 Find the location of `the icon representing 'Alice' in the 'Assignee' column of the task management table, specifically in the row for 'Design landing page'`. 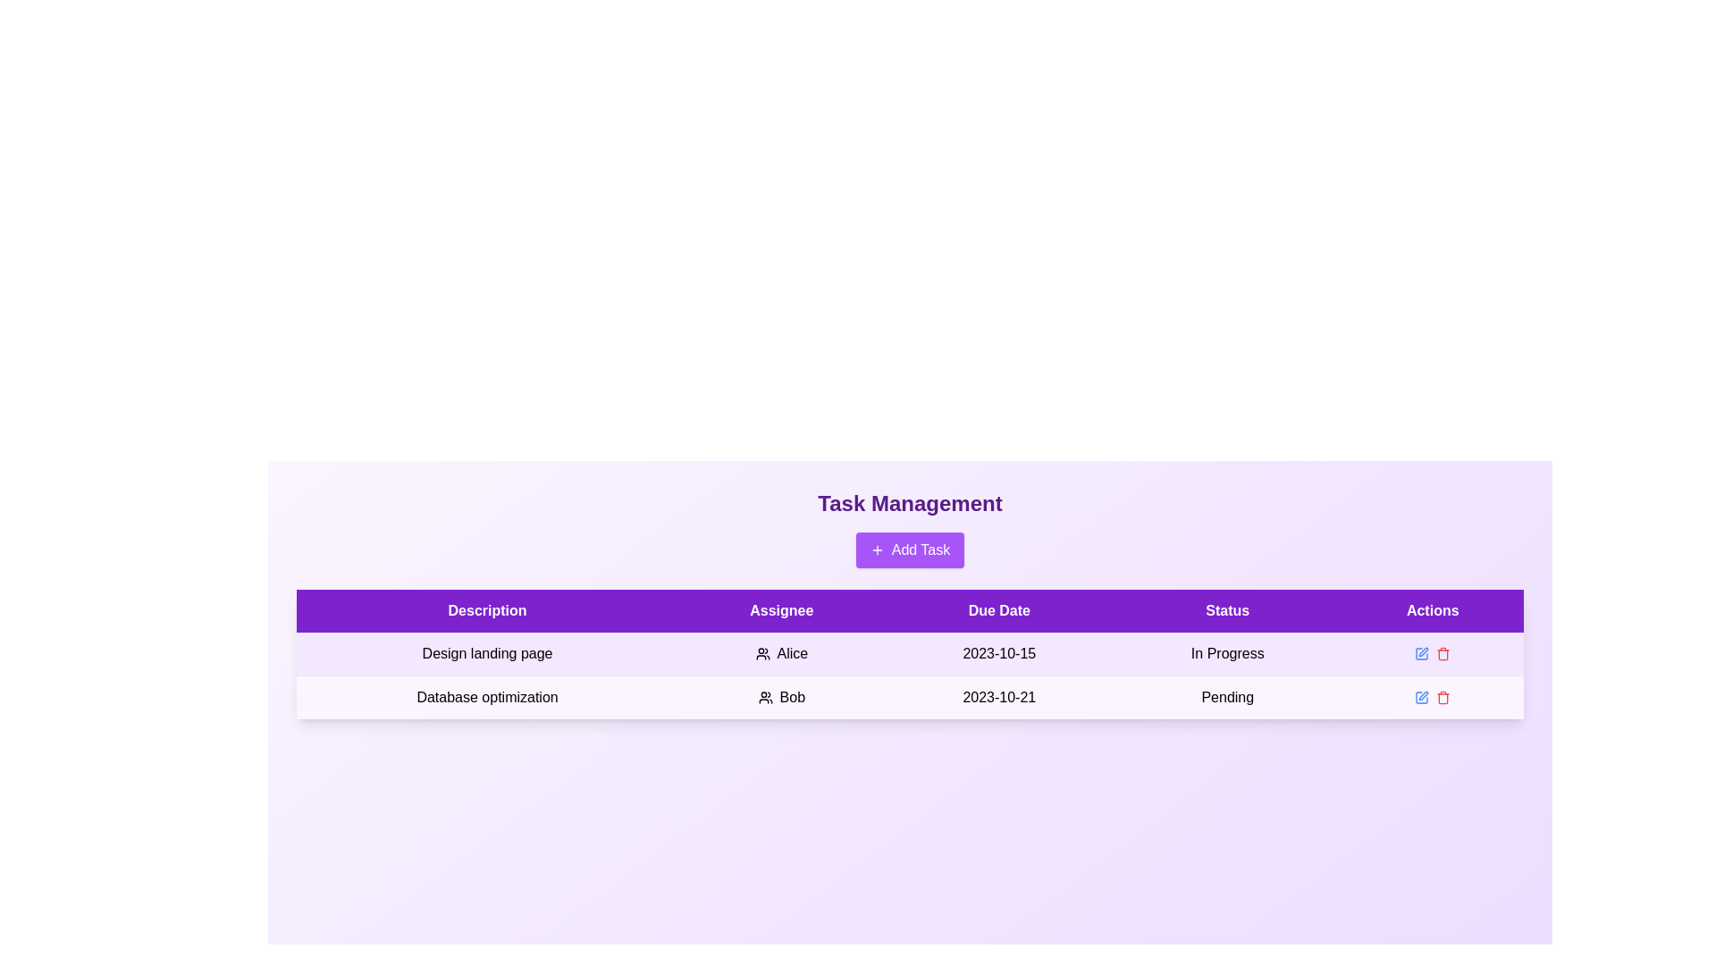

the icon representing 'Alice' in the 'Assignee' column of the task management table, specifically in the row for 'Design landing page' is located at coordinates (762, 654).